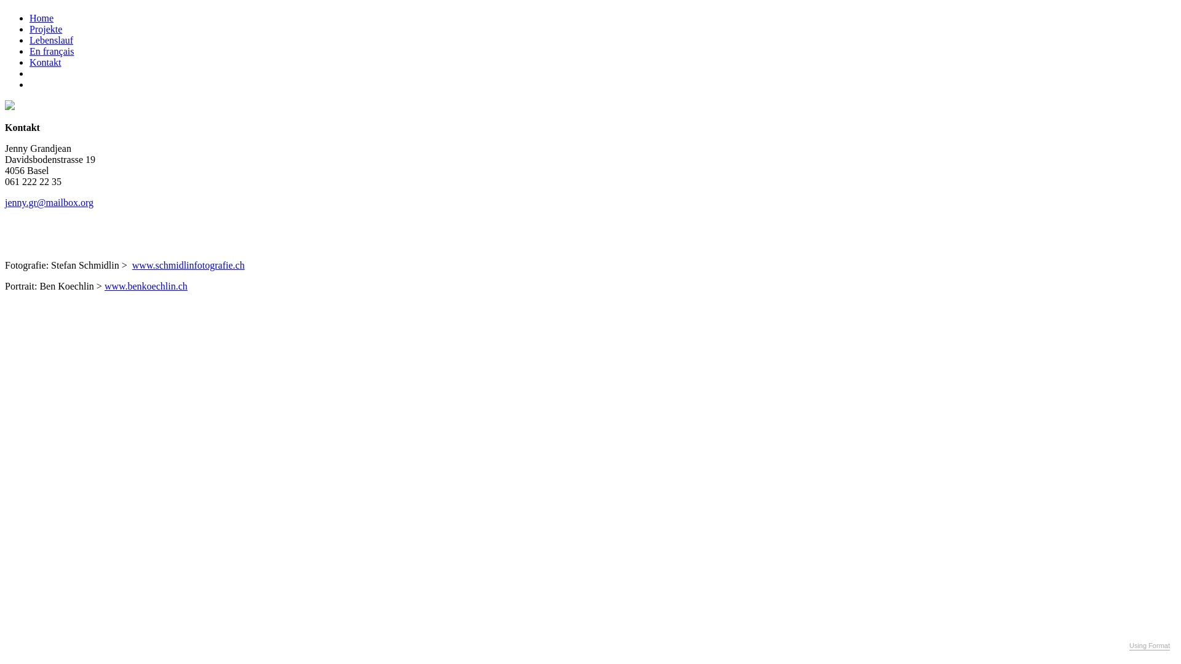 Image resolution: width=1181 pixels, height=664 pixels. I want to click on 'www.benkoechlin.ch', so click(104, 286).